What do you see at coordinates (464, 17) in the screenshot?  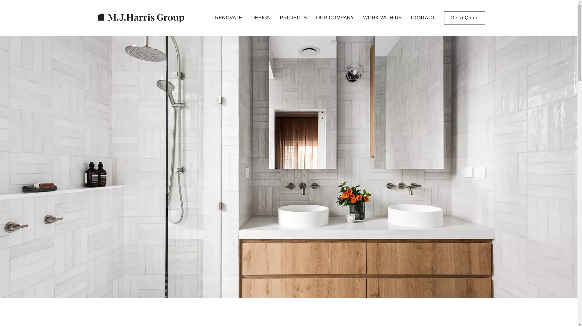 I see `'Get a Quote'` at bounding box center [464, 17].